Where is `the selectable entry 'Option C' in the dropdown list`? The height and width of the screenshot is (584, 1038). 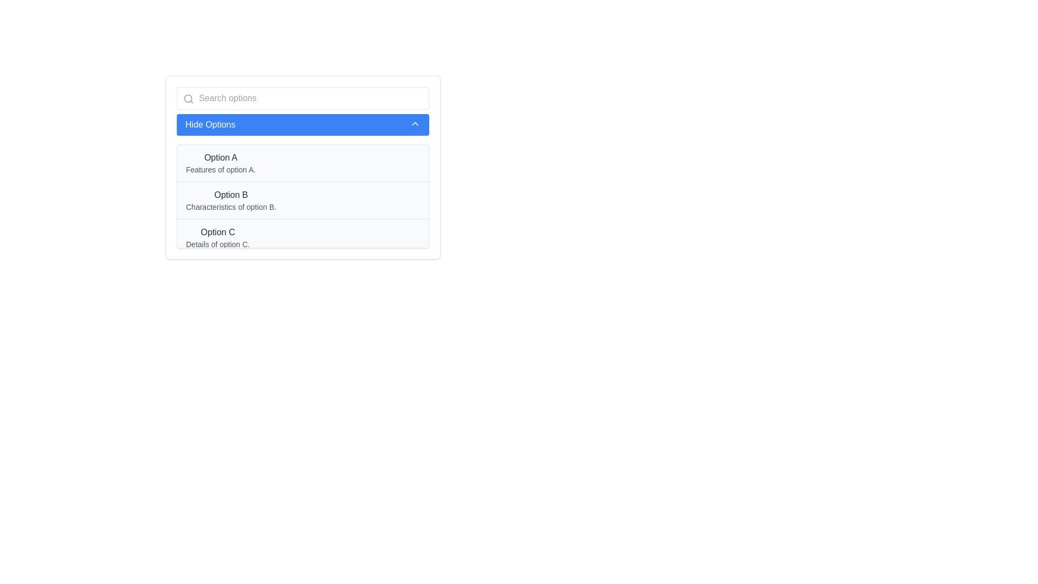 the selectable entry 'Option C' in the dropdown list is located at coordinates (217, 237).